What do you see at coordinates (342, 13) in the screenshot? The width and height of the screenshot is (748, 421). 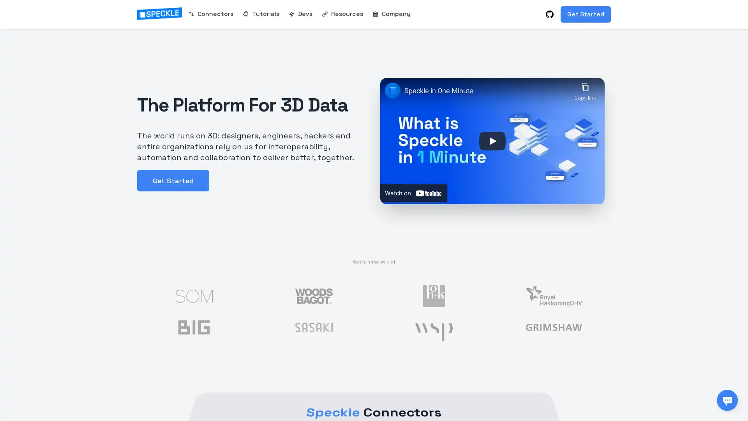 I see `Resources` at bounding box center [342, 13].